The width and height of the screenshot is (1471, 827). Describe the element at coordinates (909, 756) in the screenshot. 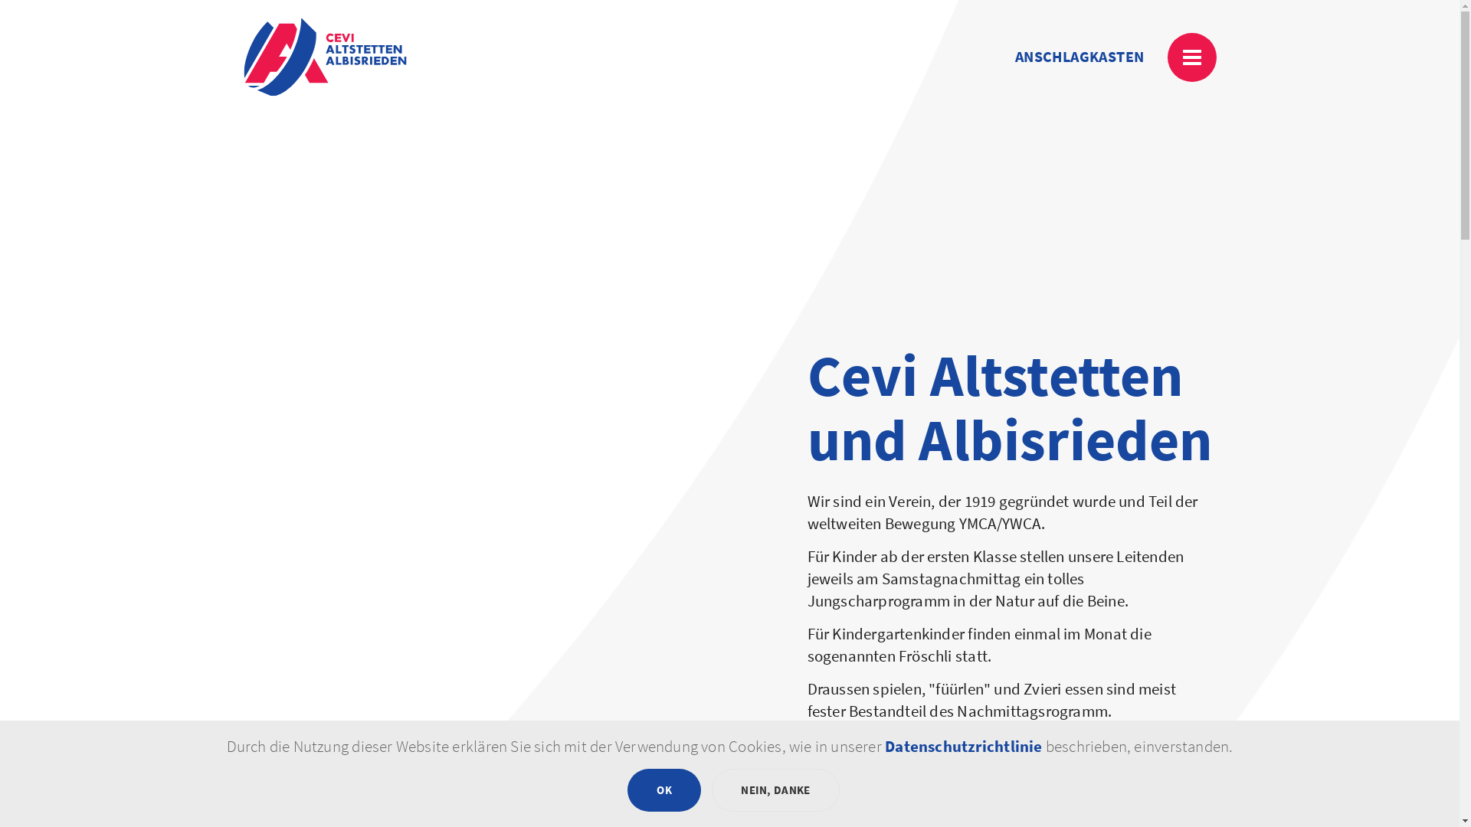

I see `'ZUM ANSCHLAGKASTEN'` at that location.